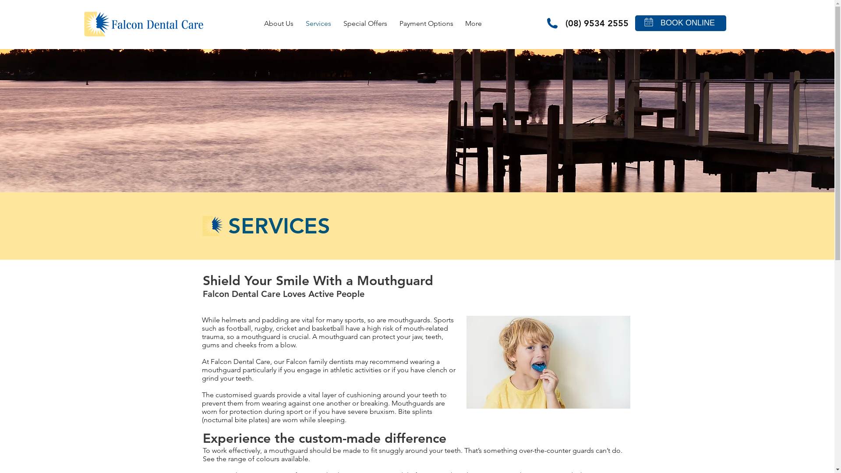 The width and height of the screenshot is (841, 473). What do you see at coordinates (687, 23) in the screenshot?
I see `'BOOK ONLINE'` at bounding box center [687, 23].